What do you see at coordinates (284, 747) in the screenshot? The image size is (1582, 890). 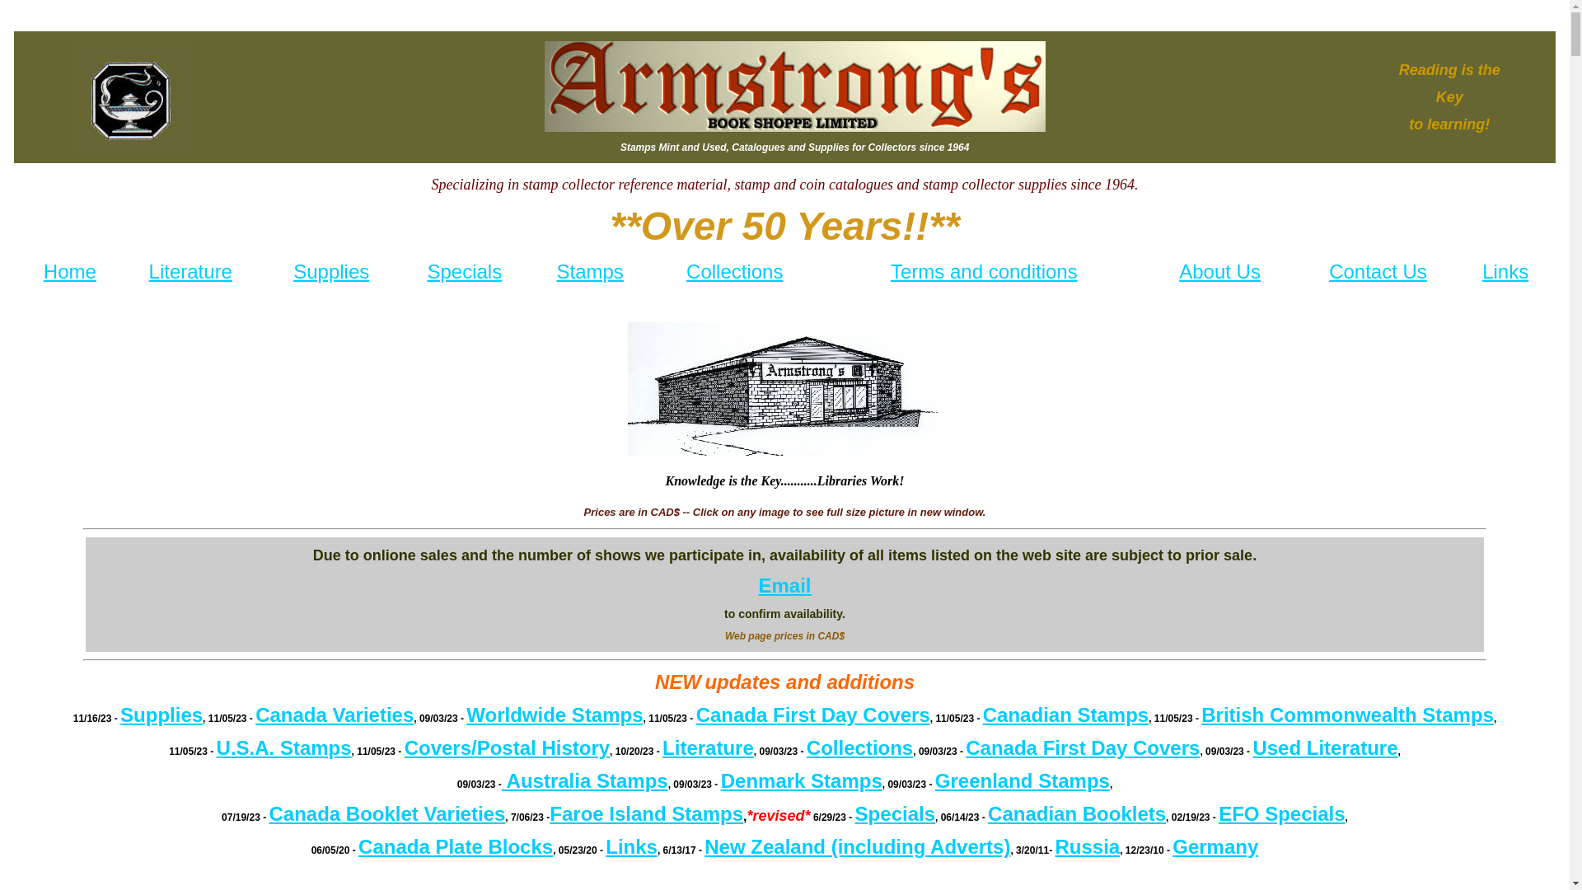 I see `'U.S.A. Stamps'` at bounding box center [284, 747].